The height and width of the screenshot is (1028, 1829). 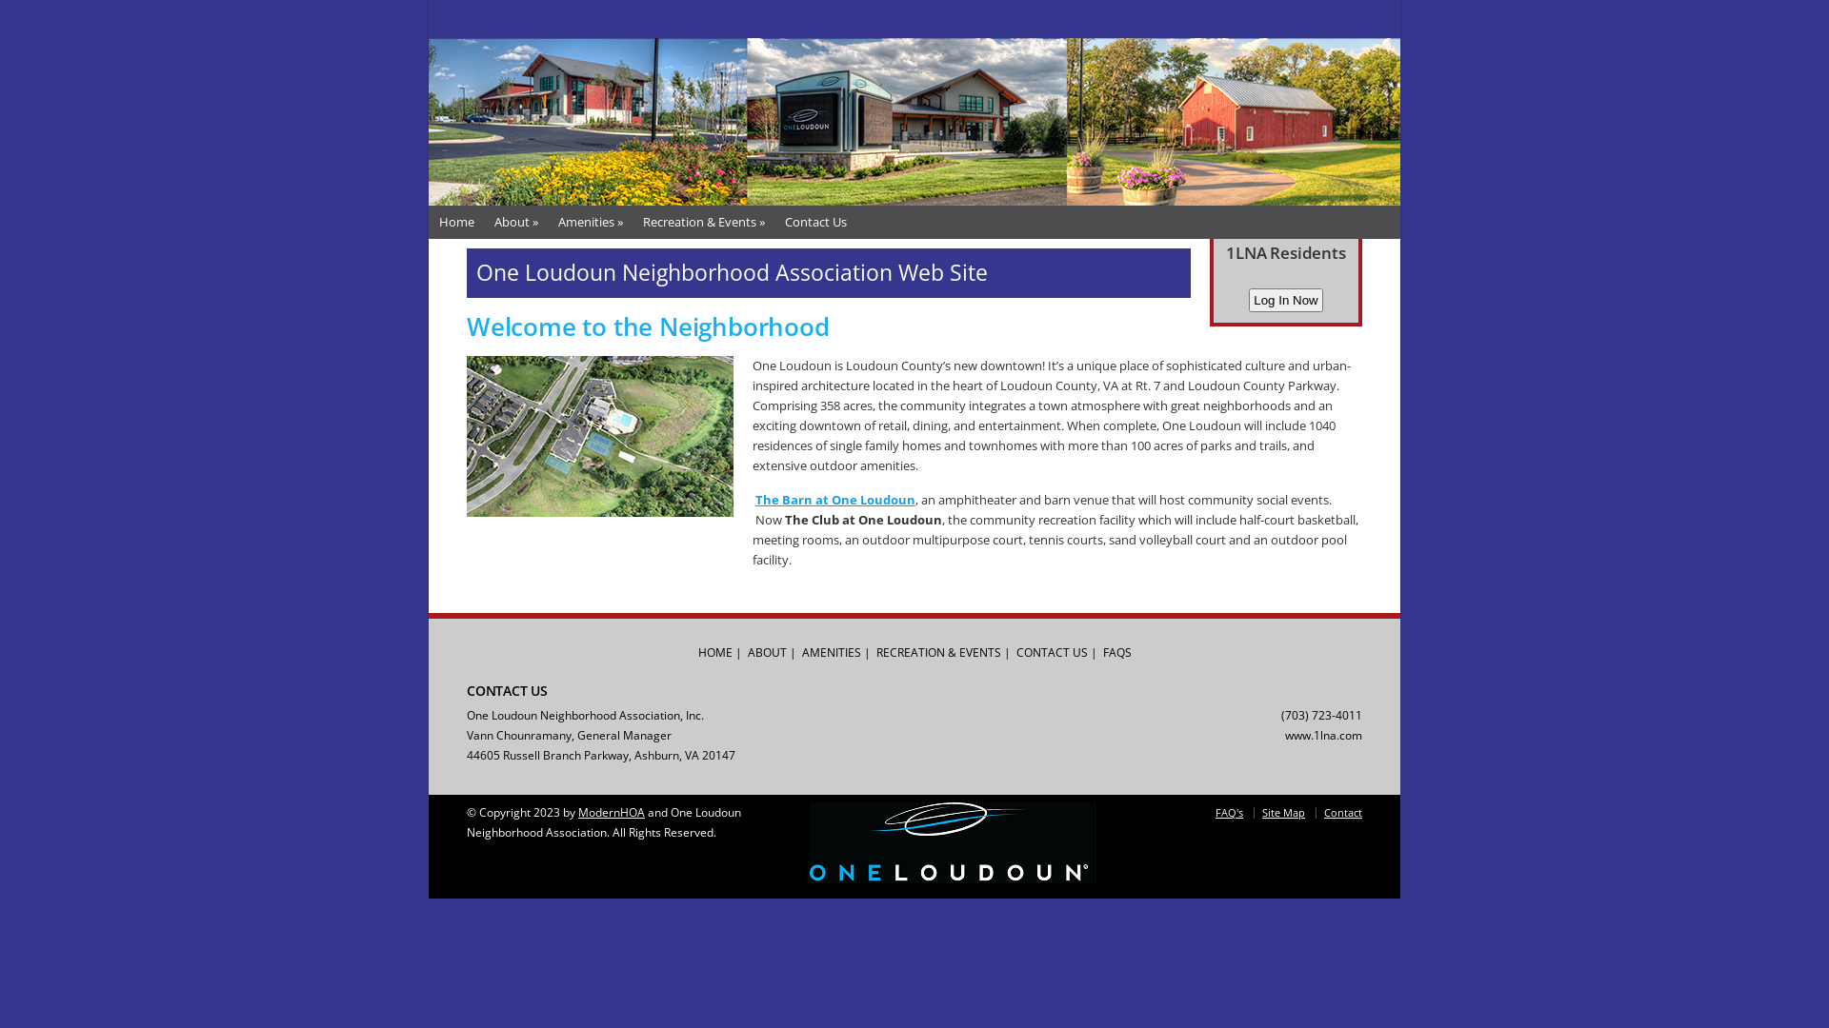 What do you see at coordinates (612, 812) in the screenshot?
I see `'ModernHOA'` at bounding box center [612, 812].